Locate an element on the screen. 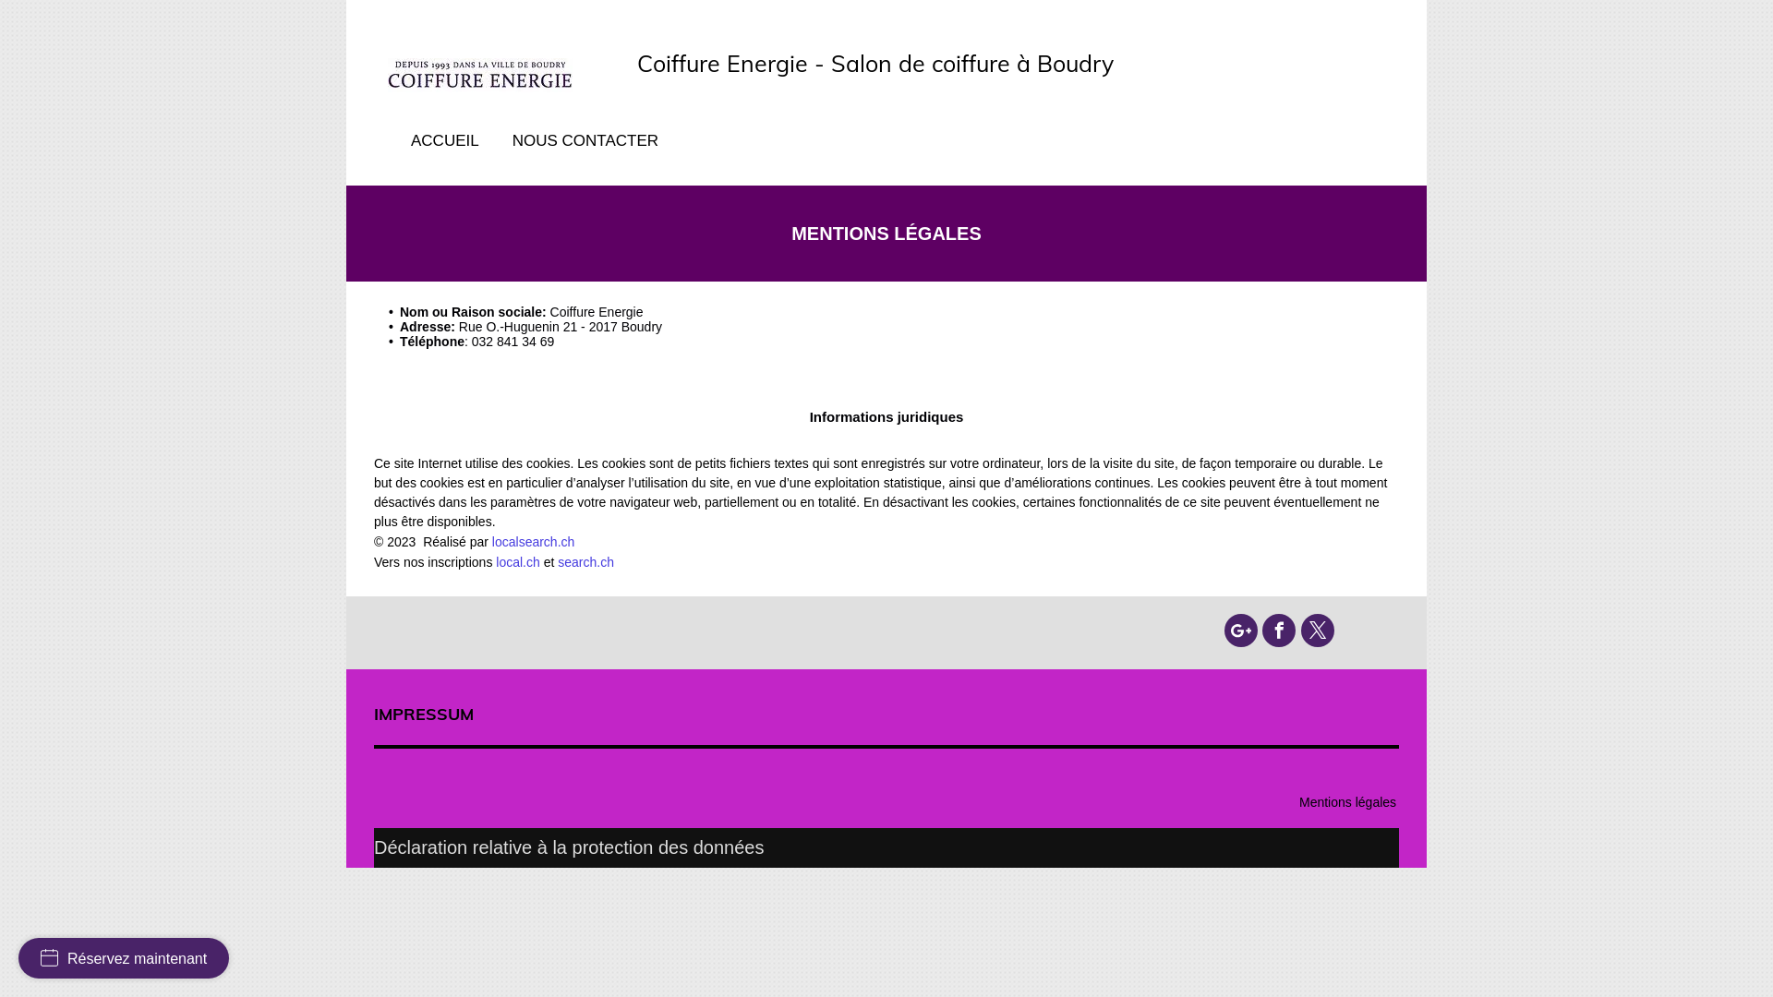  'search.ch' is located at coordinates (585, 561).